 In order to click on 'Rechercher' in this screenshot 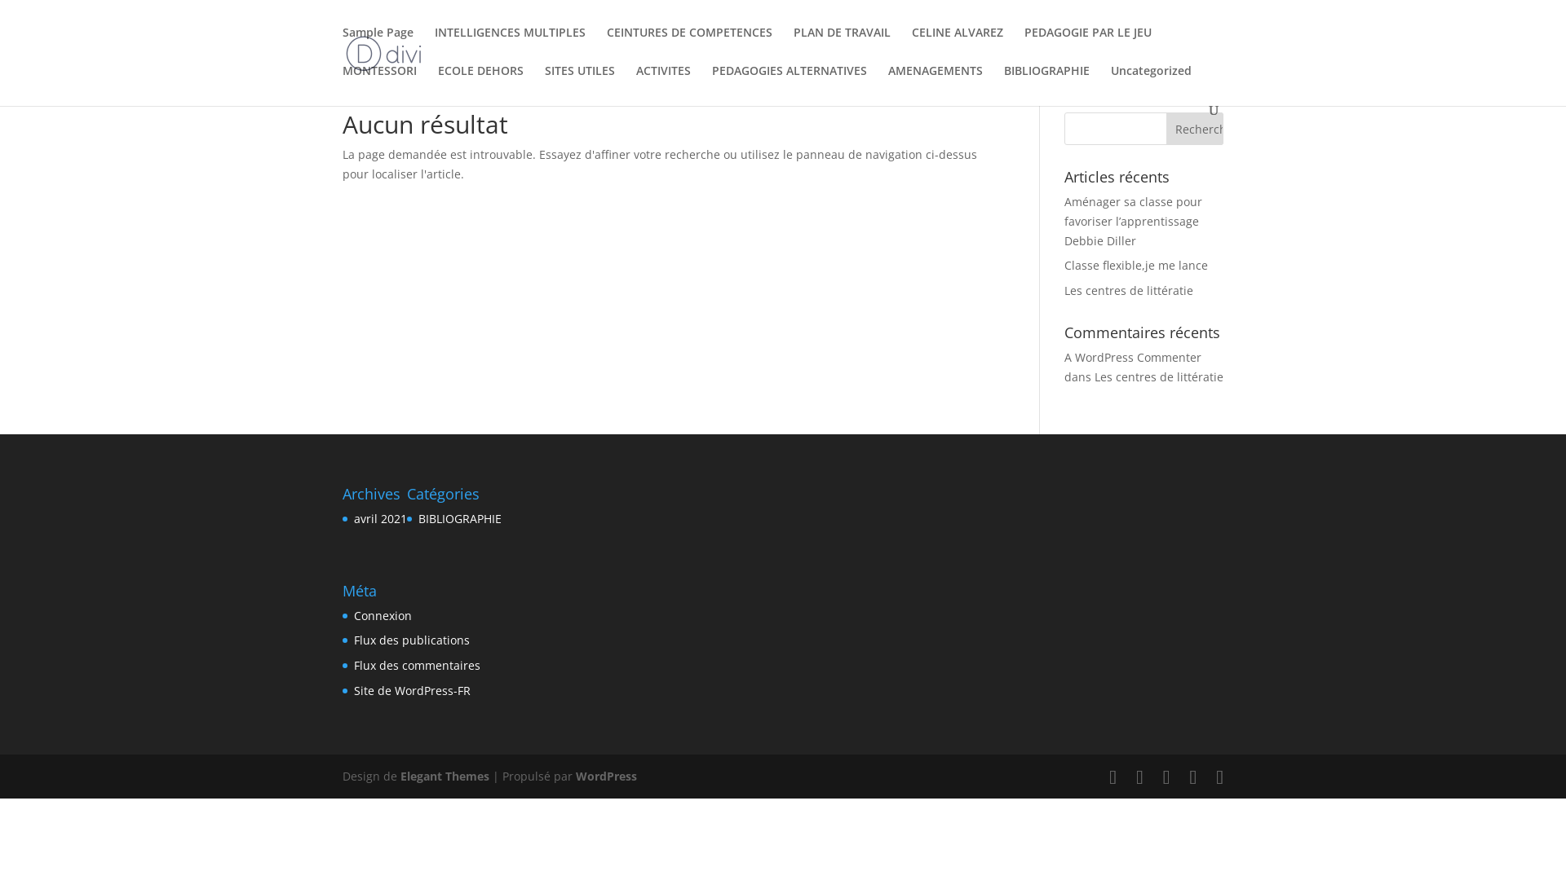, I will do `click(1194, 128)`.